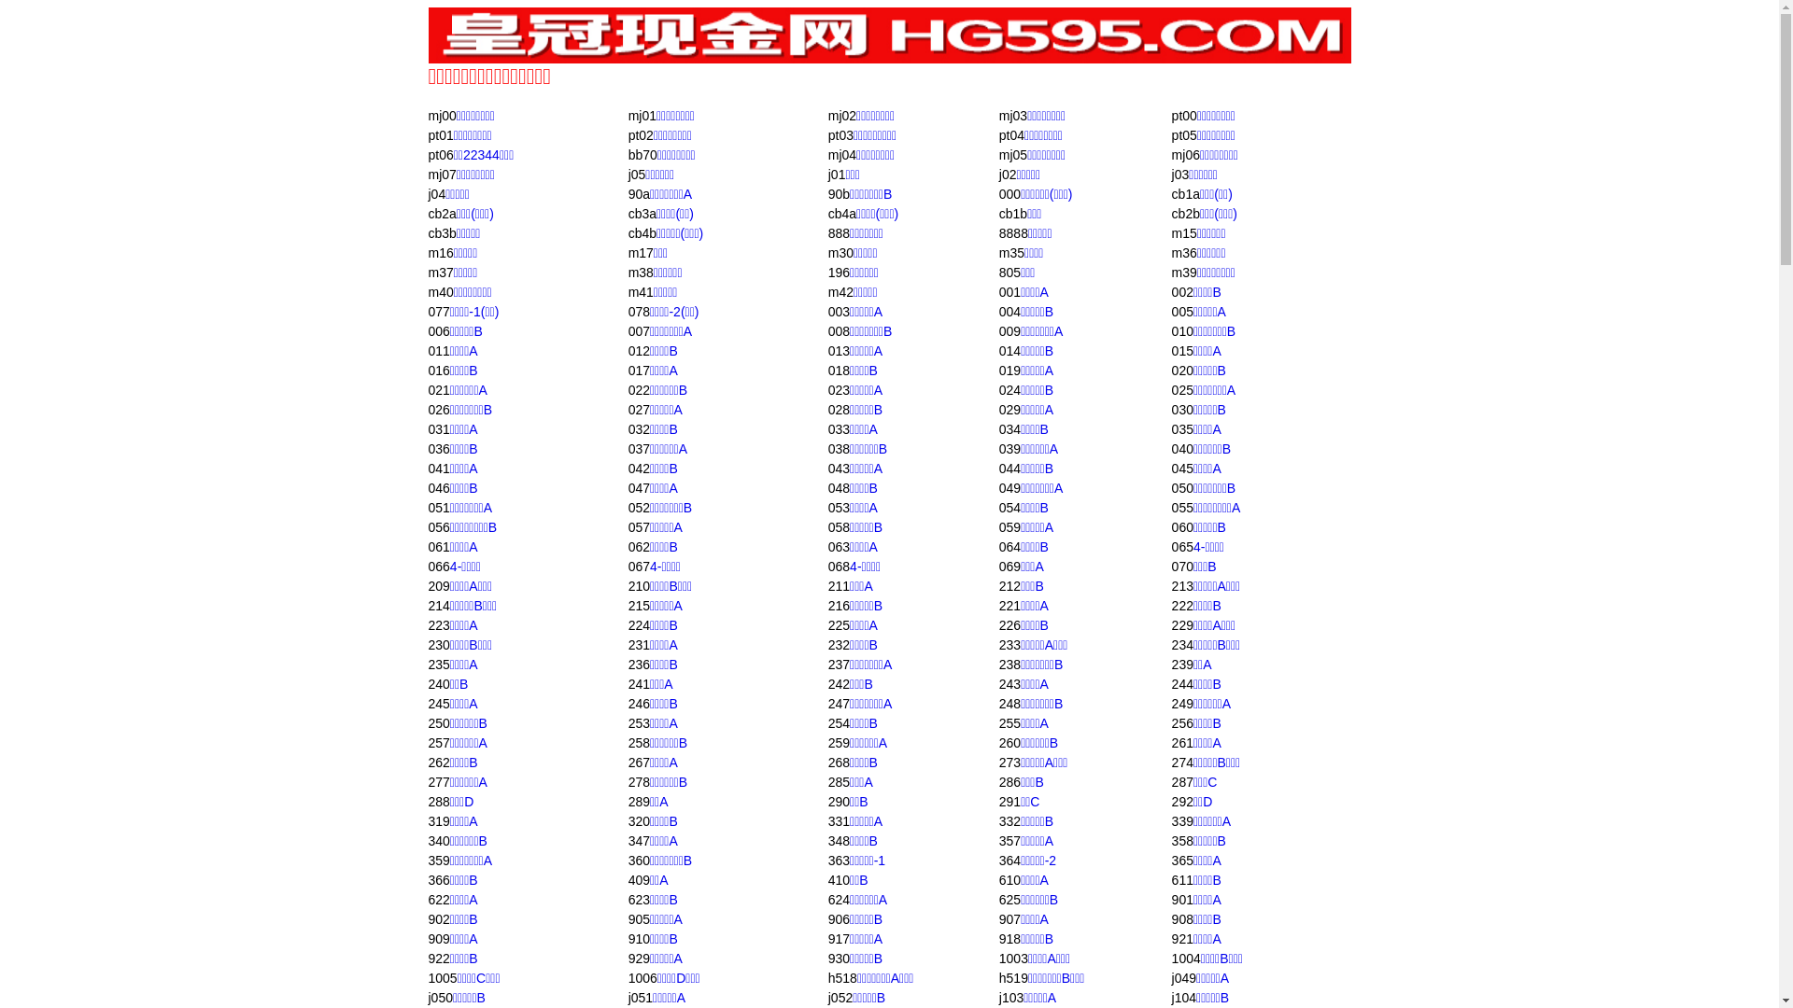  Describe the element at coordinates (641, 996) in the screenshot. I see `'j051'` at that location.